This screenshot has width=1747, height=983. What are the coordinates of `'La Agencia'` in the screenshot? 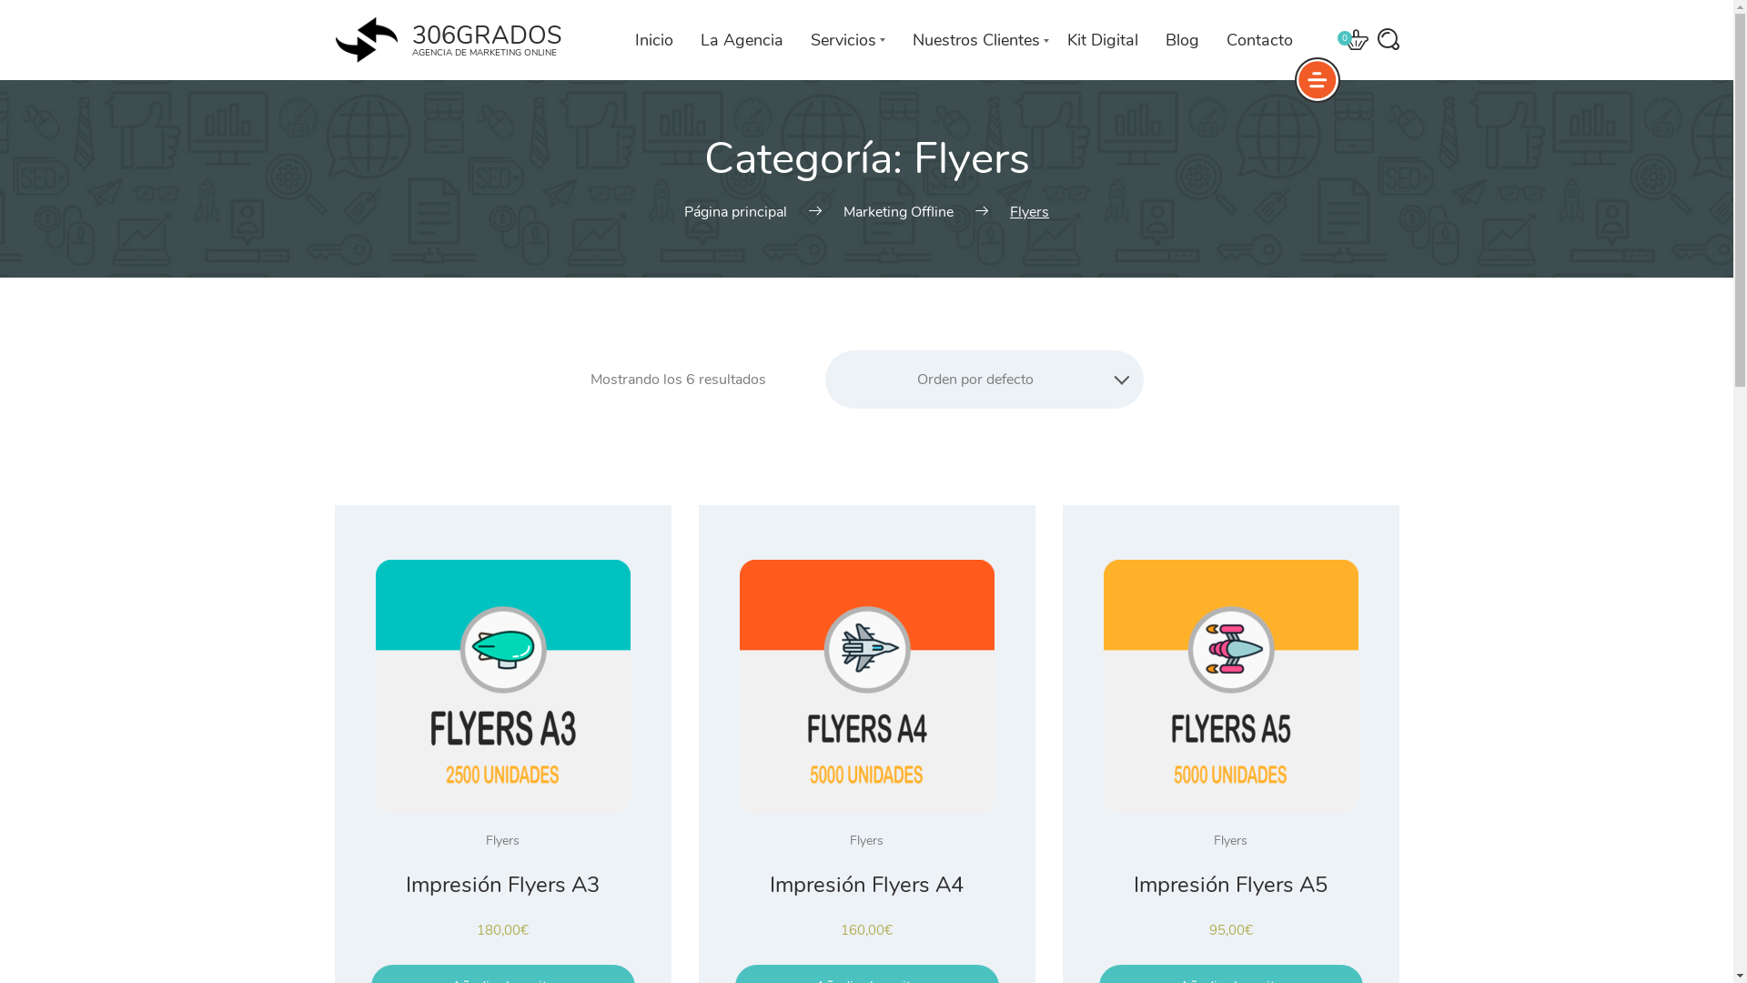 It's located at (742, 39).